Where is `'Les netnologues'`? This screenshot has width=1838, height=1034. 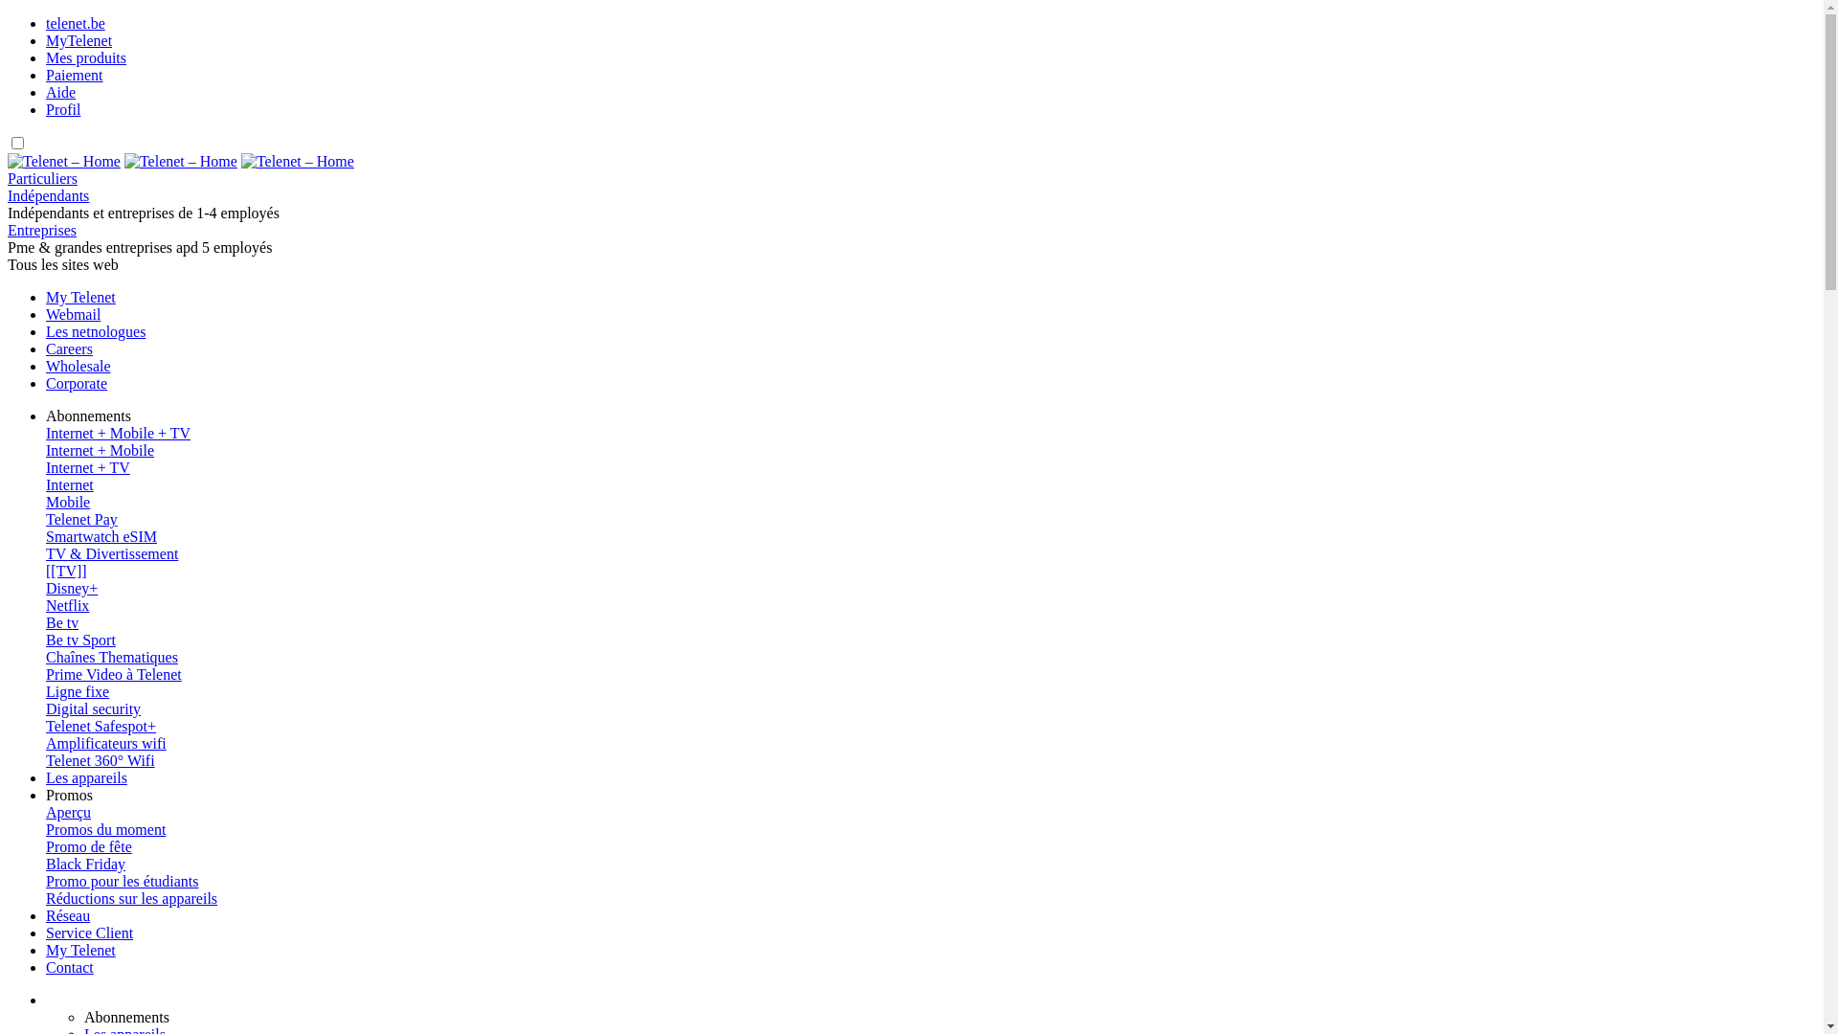 'Les netnologues' is located at coordinates (95, 330).